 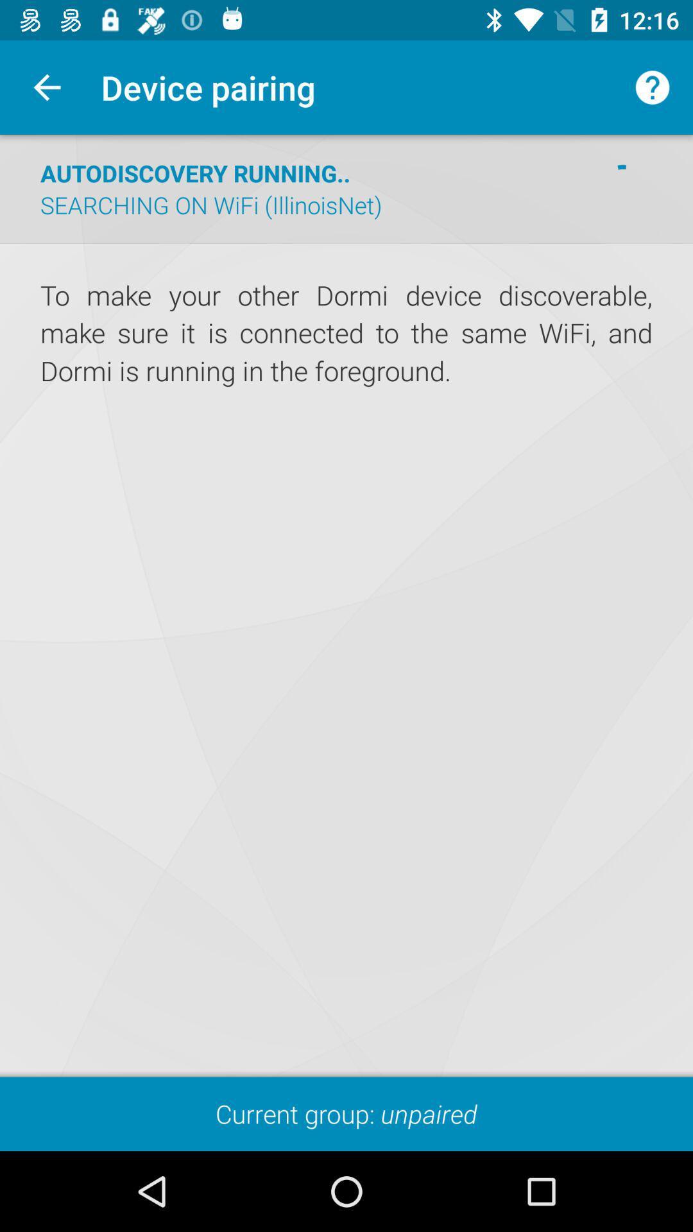 I want to click on the app next to the device pairing item, so click(x=653, y=87).